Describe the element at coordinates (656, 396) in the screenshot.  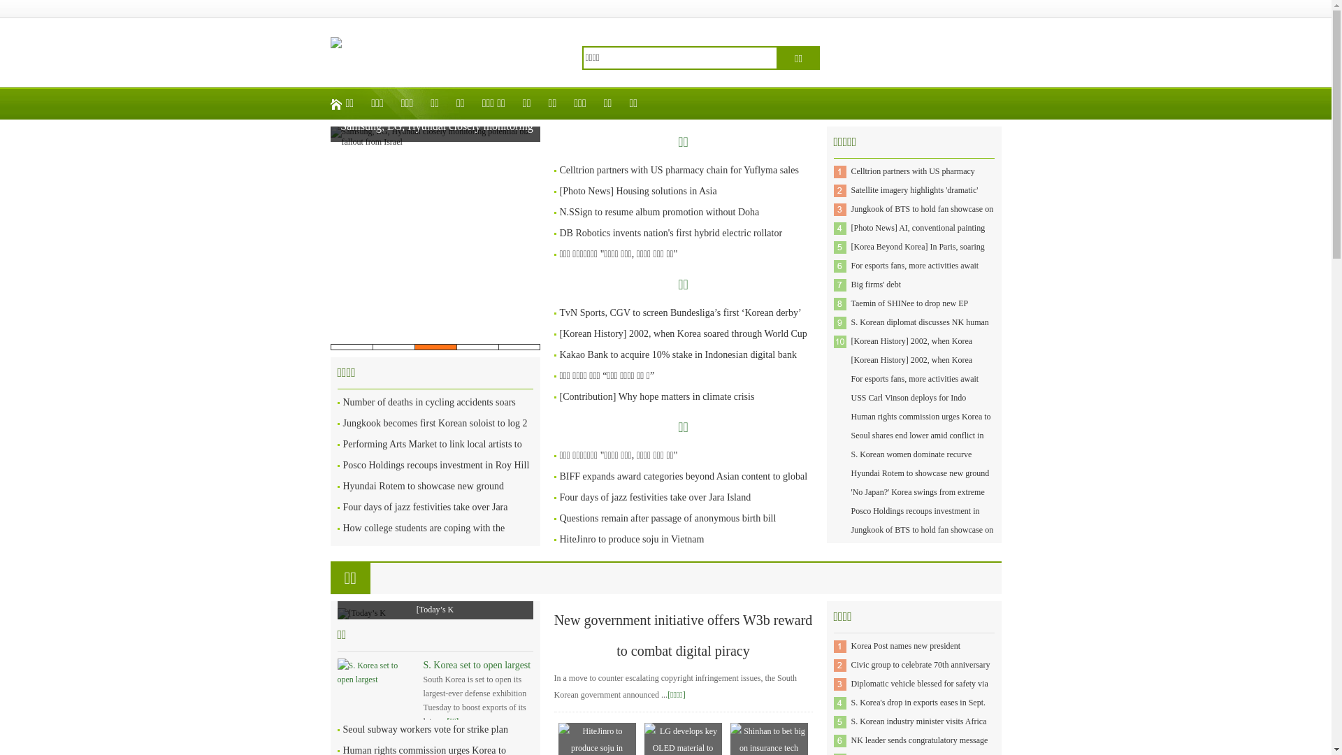
I see `'[Contribution] Why hope matters in climate crisis'` at that location.